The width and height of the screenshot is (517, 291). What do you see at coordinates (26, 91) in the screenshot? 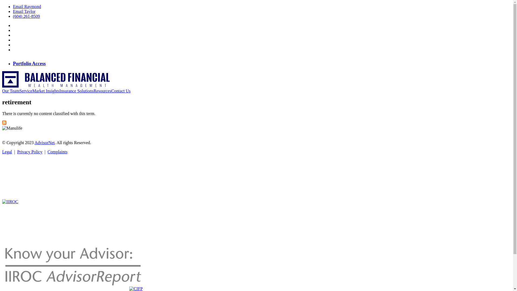
I see `'Service'` at bounding box center [26, 91].